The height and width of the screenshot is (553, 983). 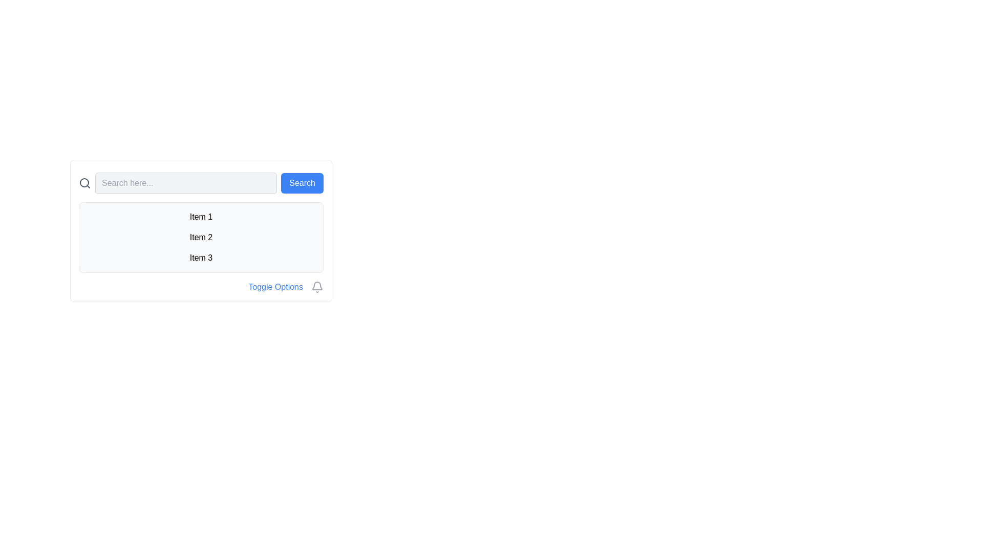 I want to click on the list item with the text 'Item 1', so click(x=201, y=217).